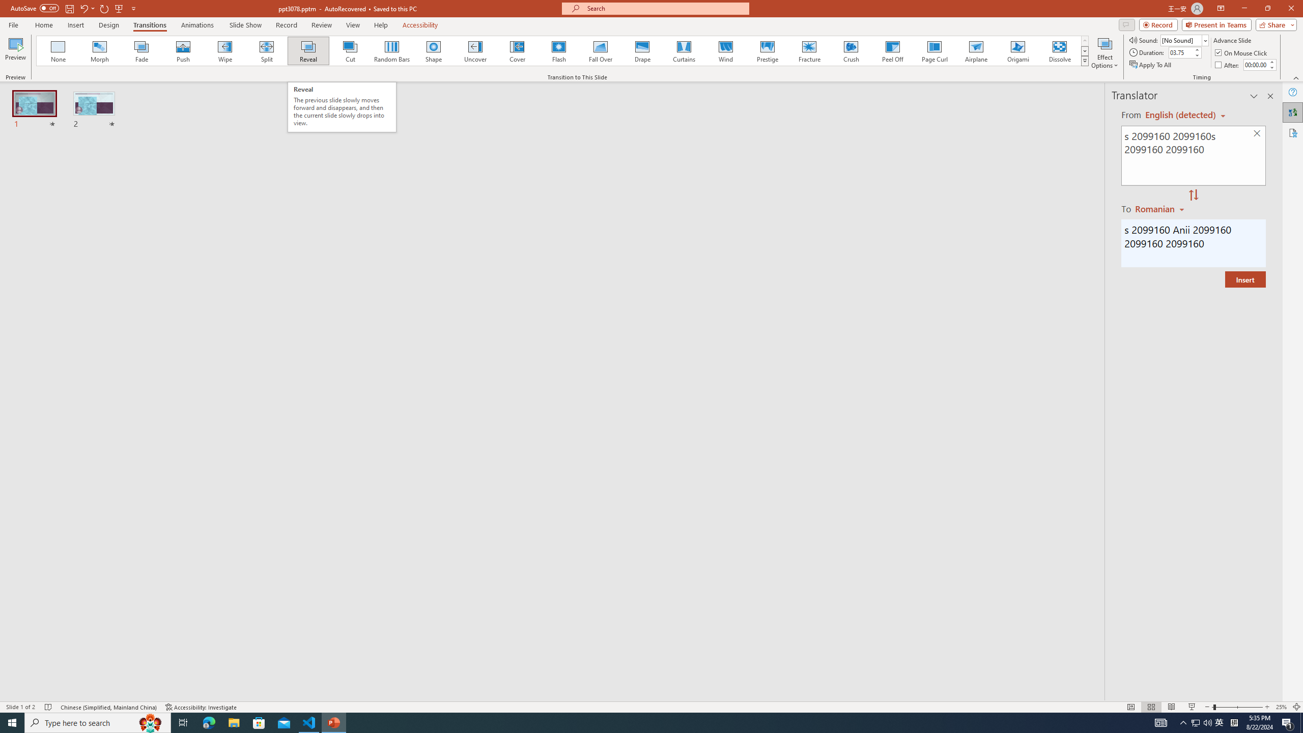 The width and height of the screenshot is (1303, 733). What do you see at coordinates (1085, 60) in the screenshot?
I see `'Transition Effects'` at bounding box center [1085, 60].